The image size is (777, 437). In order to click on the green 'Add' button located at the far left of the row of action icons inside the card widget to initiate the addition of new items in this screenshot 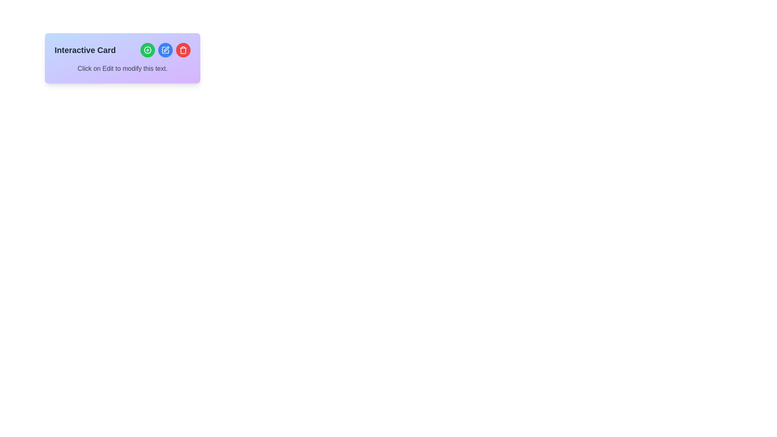, I will do `click(147, 50)`.